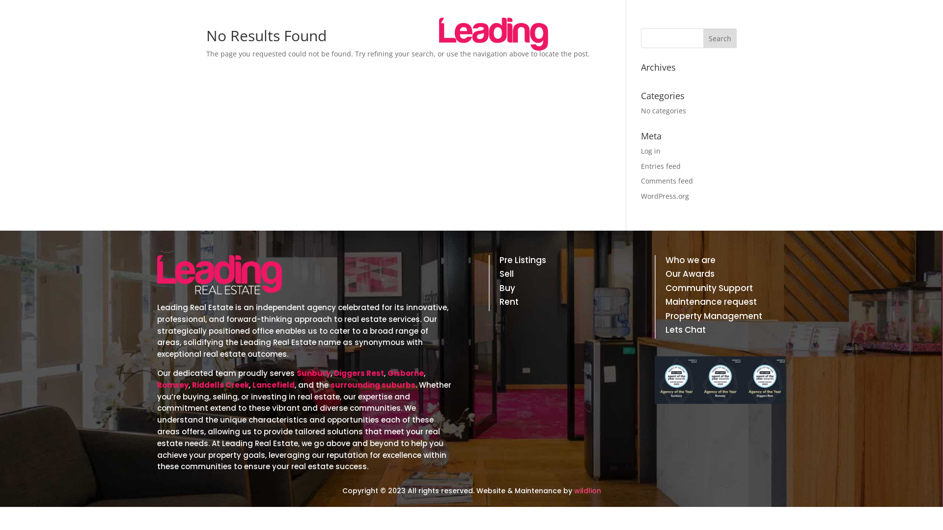 The width and height of the screenshot is (943, 530). What do you see at coordinates (650, 151) in the screenshot?
I see `'Log in'` at bounding box center [650, 151].